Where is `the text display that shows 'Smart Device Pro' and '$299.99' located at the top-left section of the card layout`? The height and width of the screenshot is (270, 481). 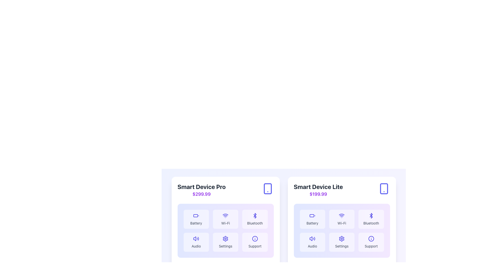
the text display that shows 'Smart Device Pro' and '$299.99' located at the top-left section of the card layout is located at coordinates (201, 190).